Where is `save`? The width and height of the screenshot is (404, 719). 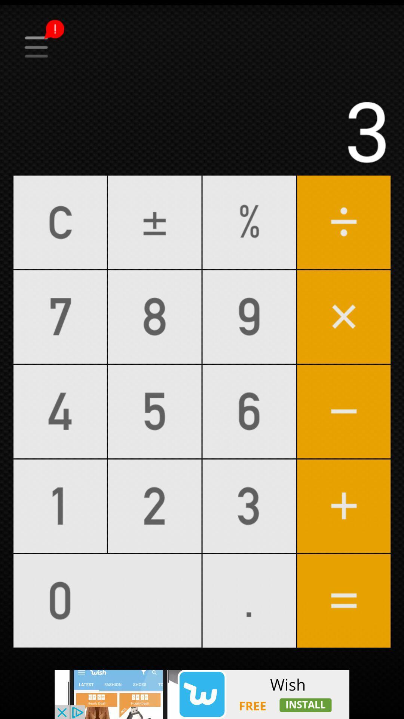
save is located at coordinates (202, 23).